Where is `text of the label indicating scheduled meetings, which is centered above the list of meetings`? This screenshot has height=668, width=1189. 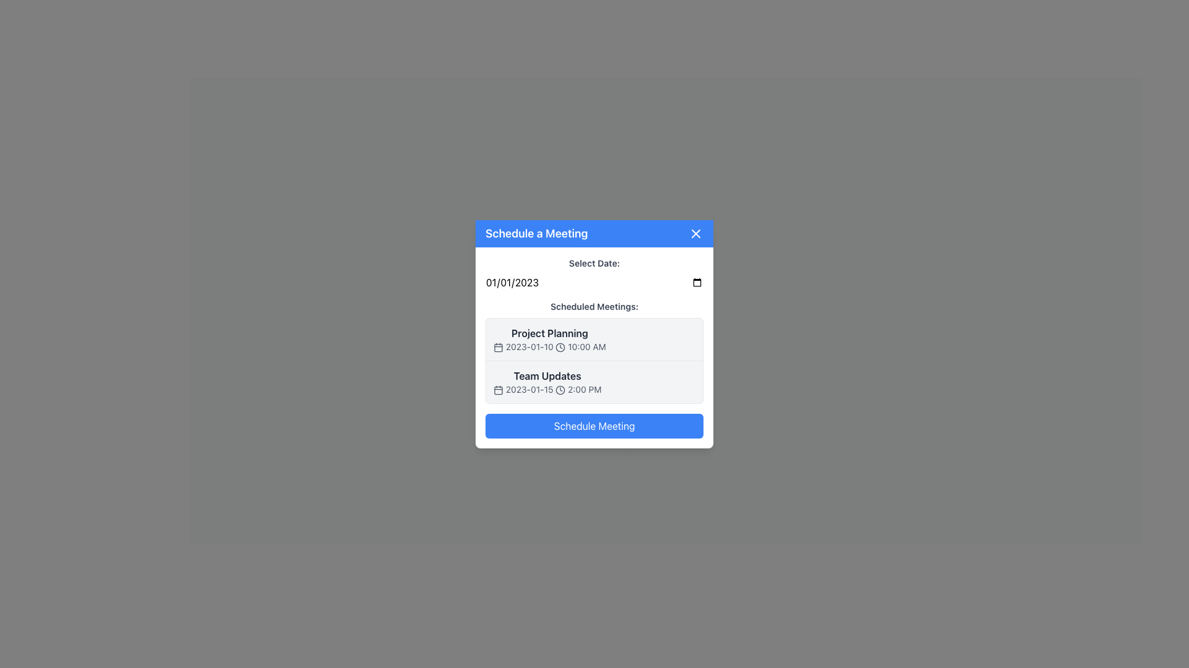 text of the label indicating scheduled meetings, which is centered above the list of meetings is located at coordinates (594, 306).